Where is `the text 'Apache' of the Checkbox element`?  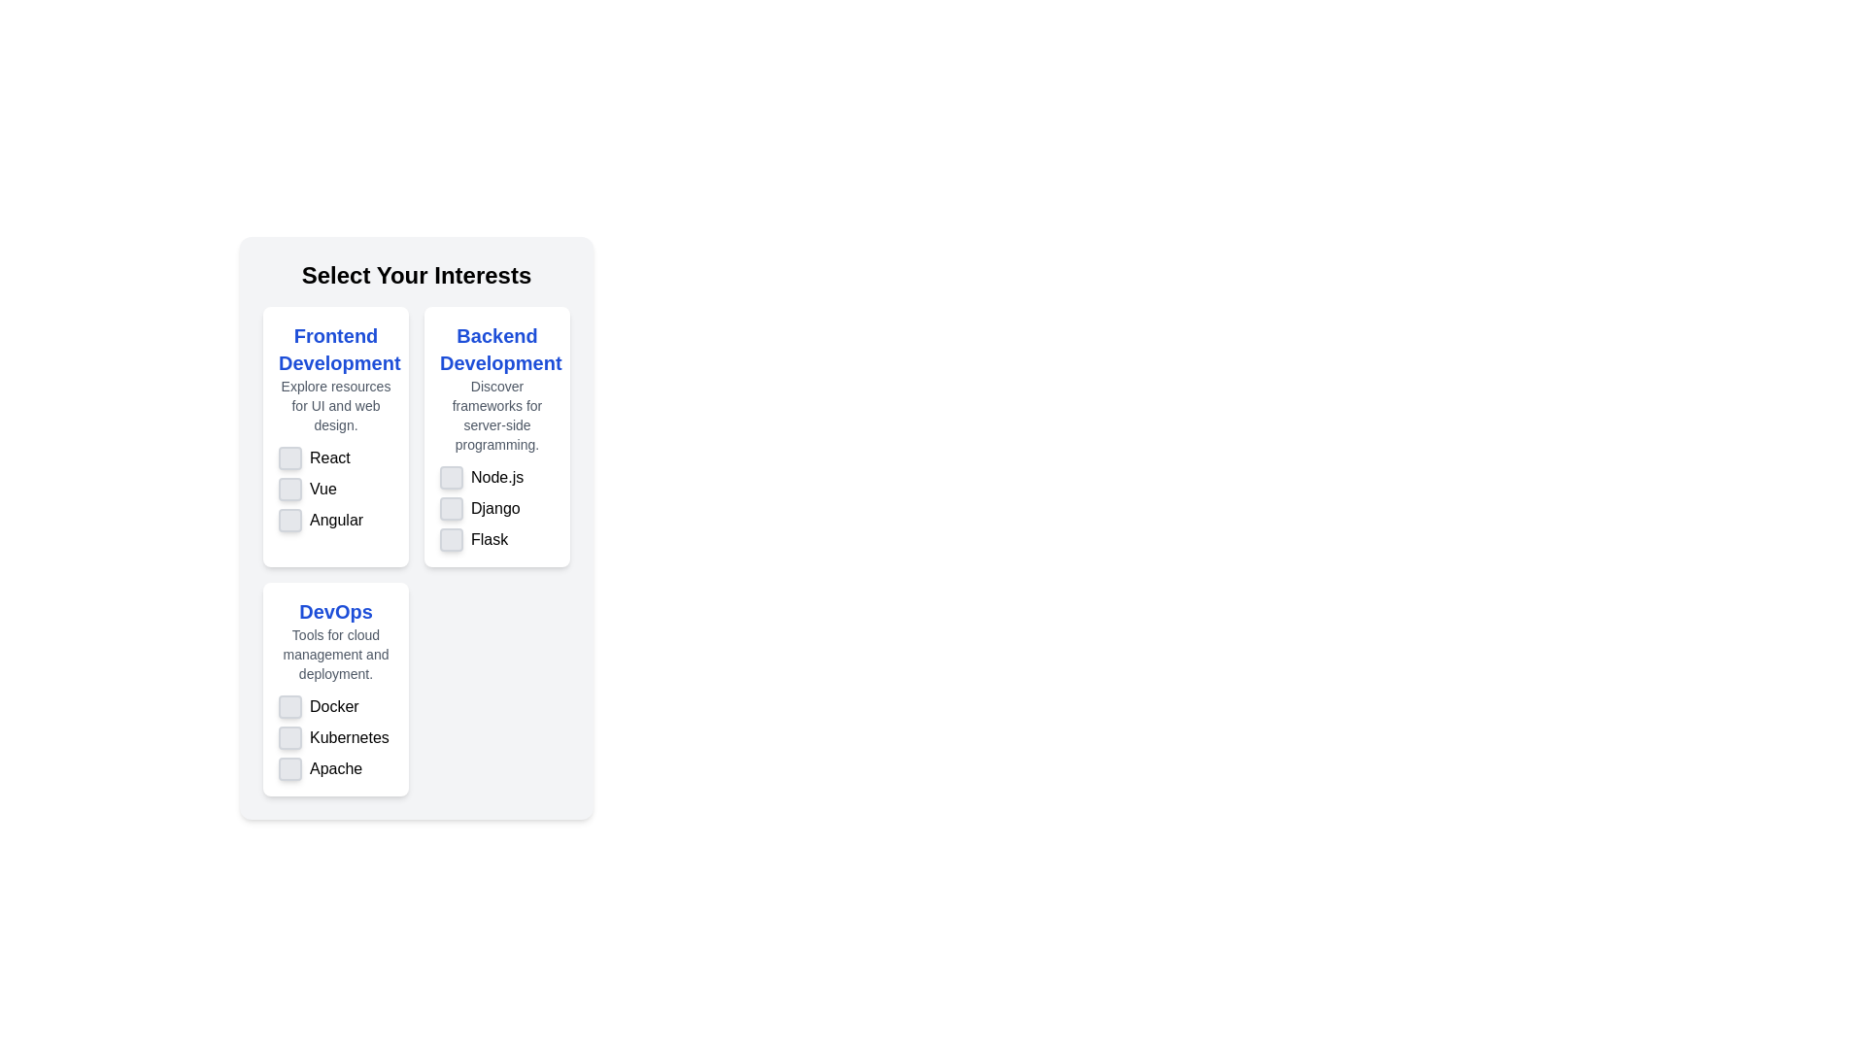
the text 'Apache' of the Checkbox element is located at coordinates (335, 767).